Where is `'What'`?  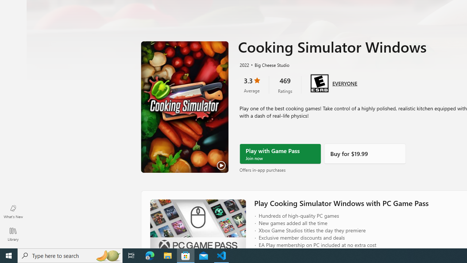
'What' is located at coordinates (13, 211).